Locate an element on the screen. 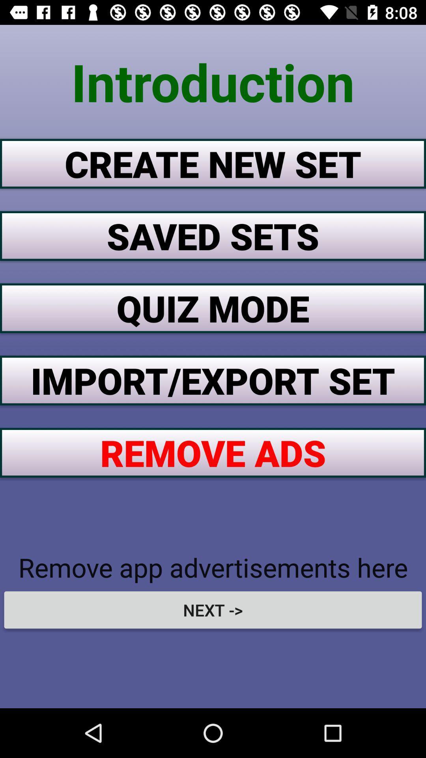 This screenshot has width=426, height=758. the saved sets item is located at coordinates (213, 235).